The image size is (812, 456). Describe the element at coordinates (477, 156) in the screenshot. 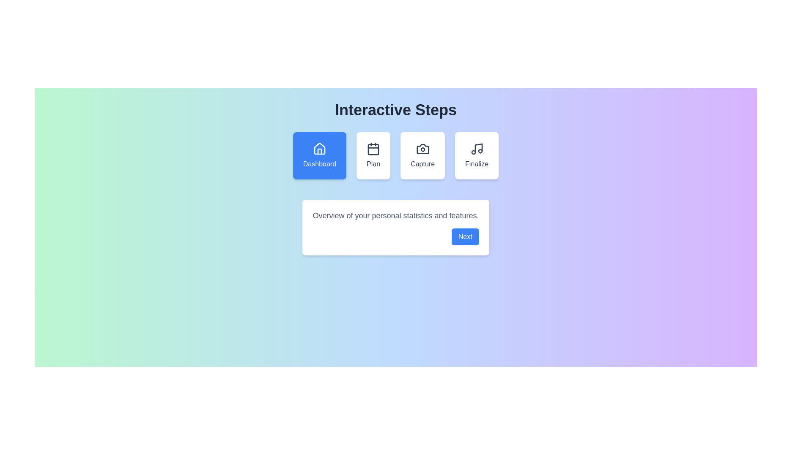

I see `the step Finalize by clicking on its icon` at that location.